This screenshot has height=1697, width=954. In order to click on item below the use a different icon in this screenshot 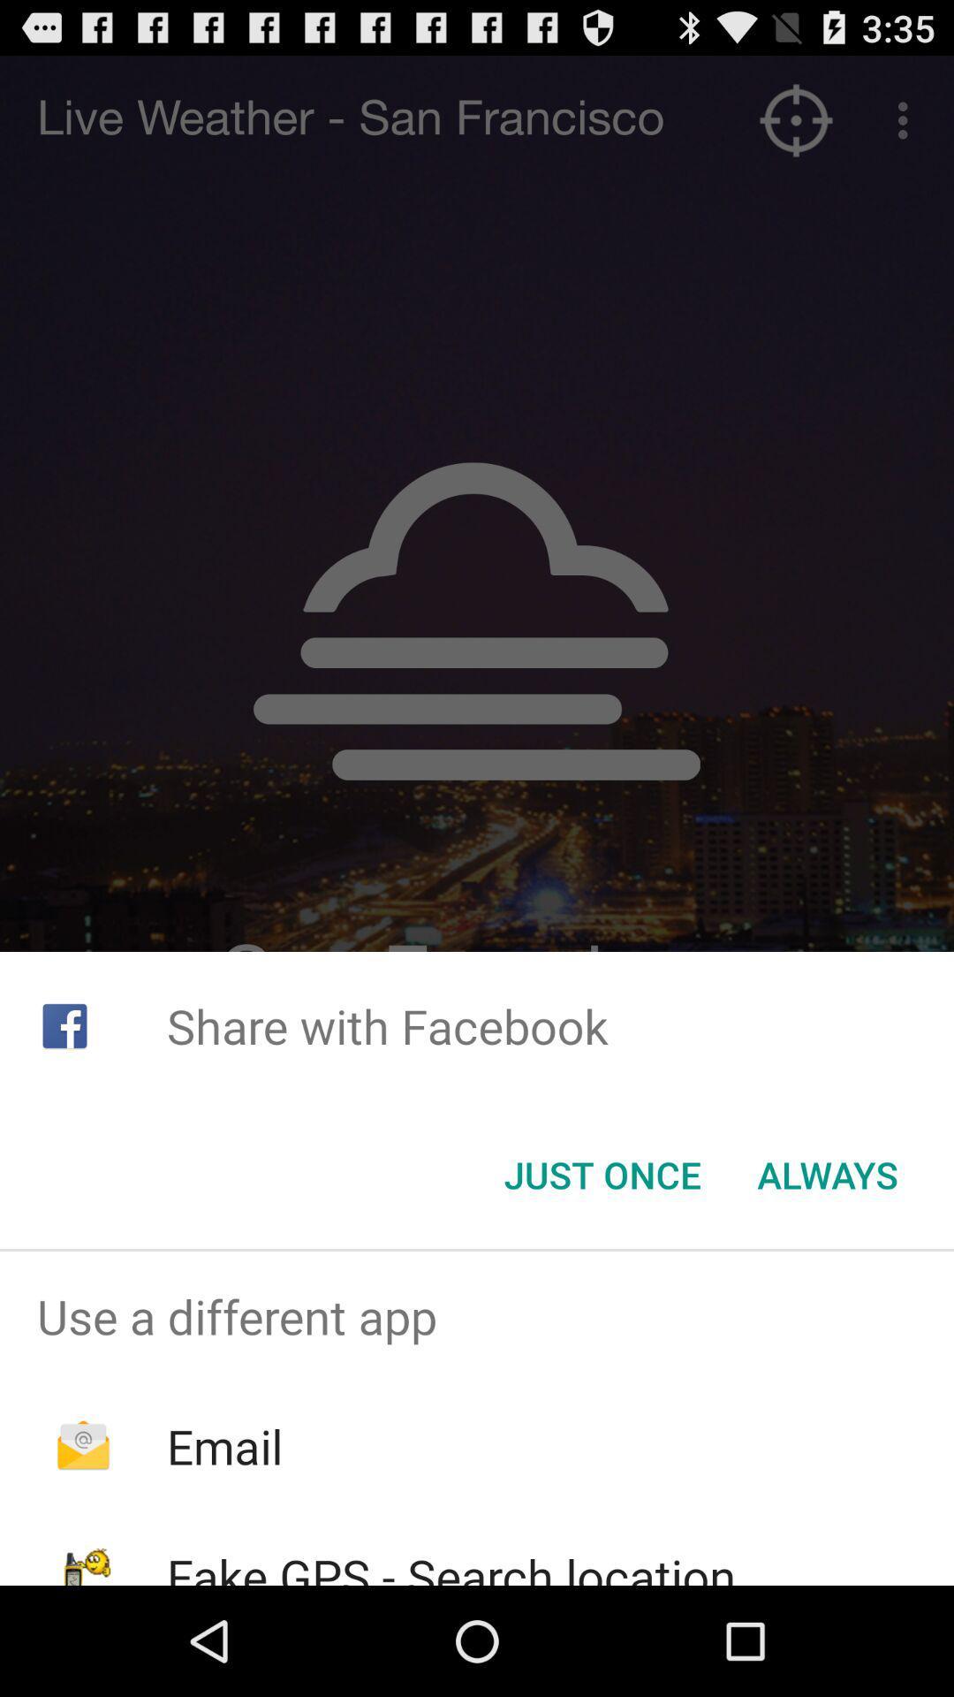, I will do `click(223, 1446)`.